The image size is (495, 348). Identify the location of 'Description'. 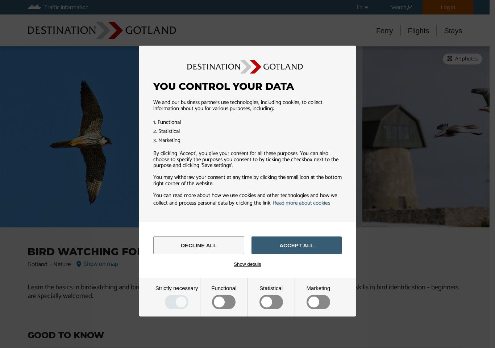
(139, 56).